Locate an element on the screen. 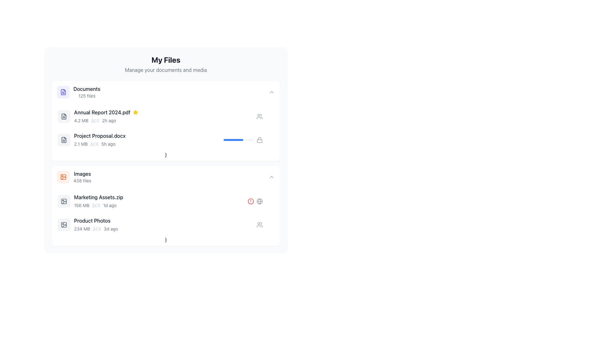 Image resolution: width=608 pixels, height=342 pixels. the rounded square icon with a light purple background and a blue file icon in the center, located next to the text 'Documents' and its sub-text '125 files' is located at coordinates (63, 92).